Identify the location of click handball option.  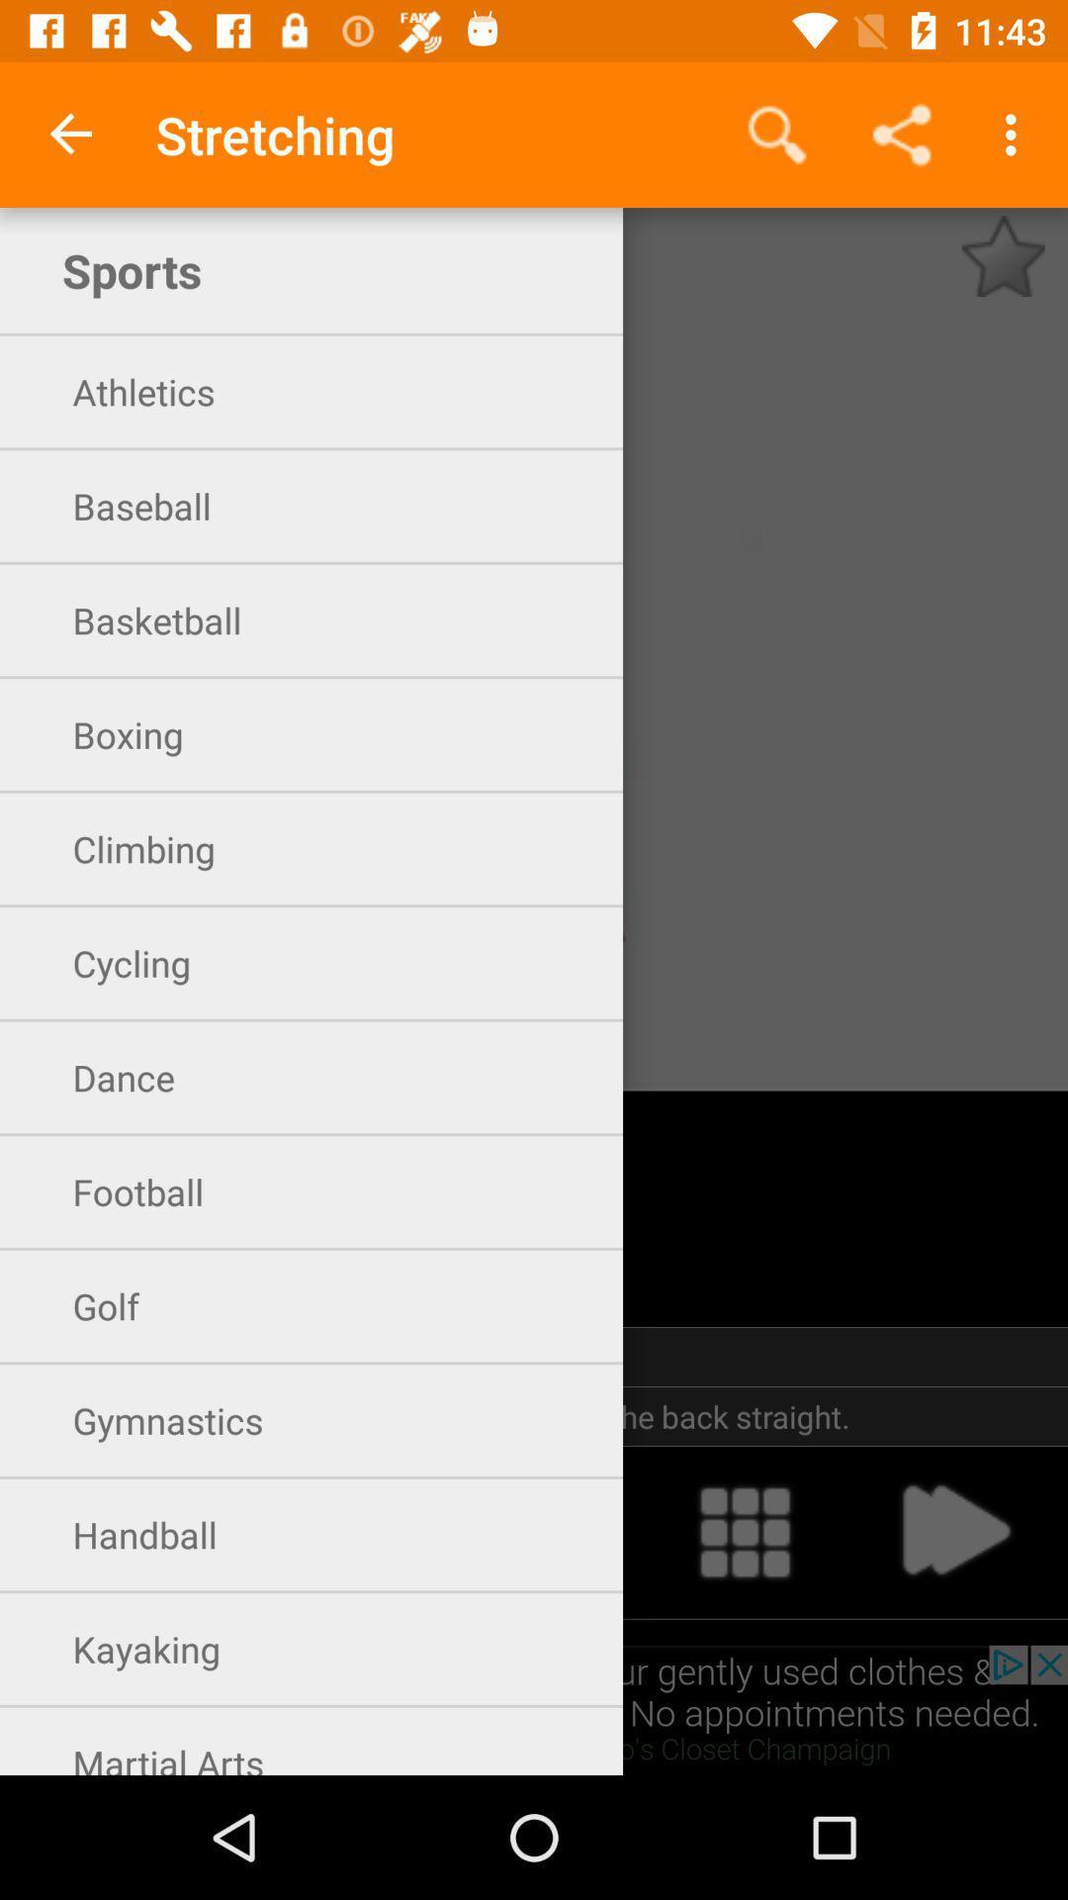
(534, 1531).